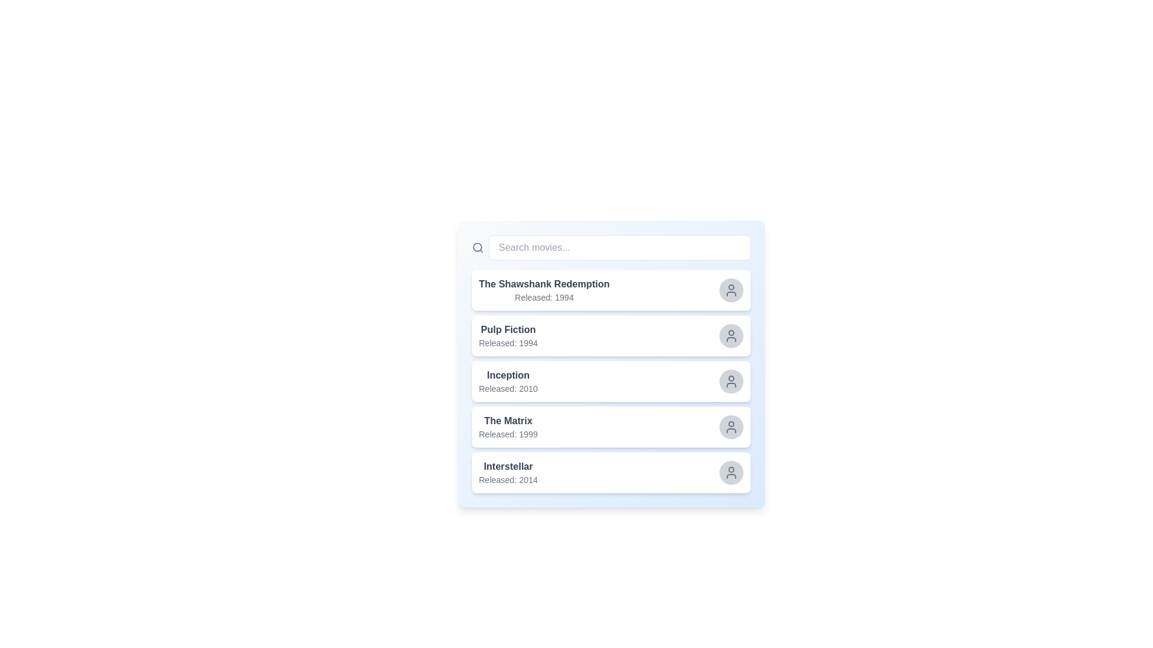 Image resolution: width=1153 pixels, height=648 pixels. Describe the element at coordinates (508, 382) in the screenshot. I see `text content of the label displaying the title 'Inception' and its release year '2010', which is located in the third card of a vertical layout, positioned below 'Pulp Fiction' and above 'The Matrix'` at that location.